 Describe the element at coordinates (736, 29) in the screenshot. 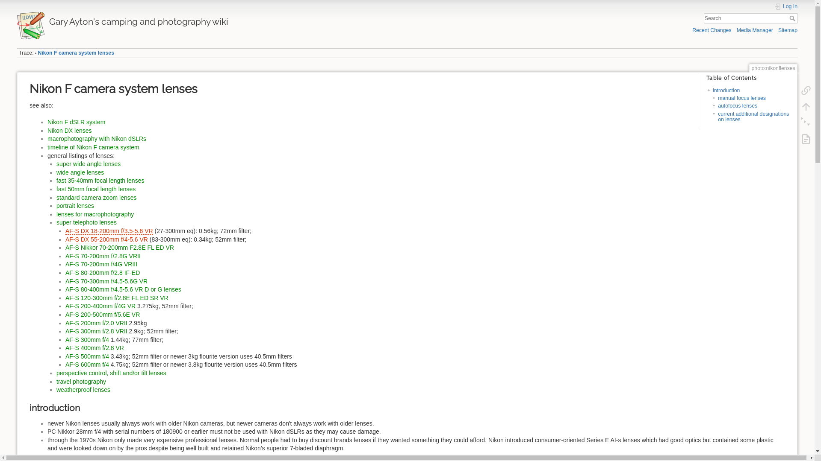

I see `'Media Manager'` at that location.